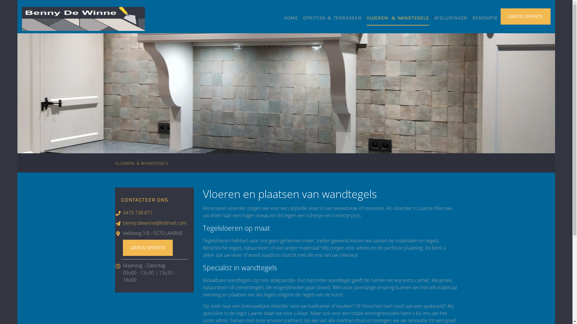 Image resolution: width=577 pixels, height=324 pixels. I want to click on 'benny.dewinne@hotmail.com', so click(154, 223).